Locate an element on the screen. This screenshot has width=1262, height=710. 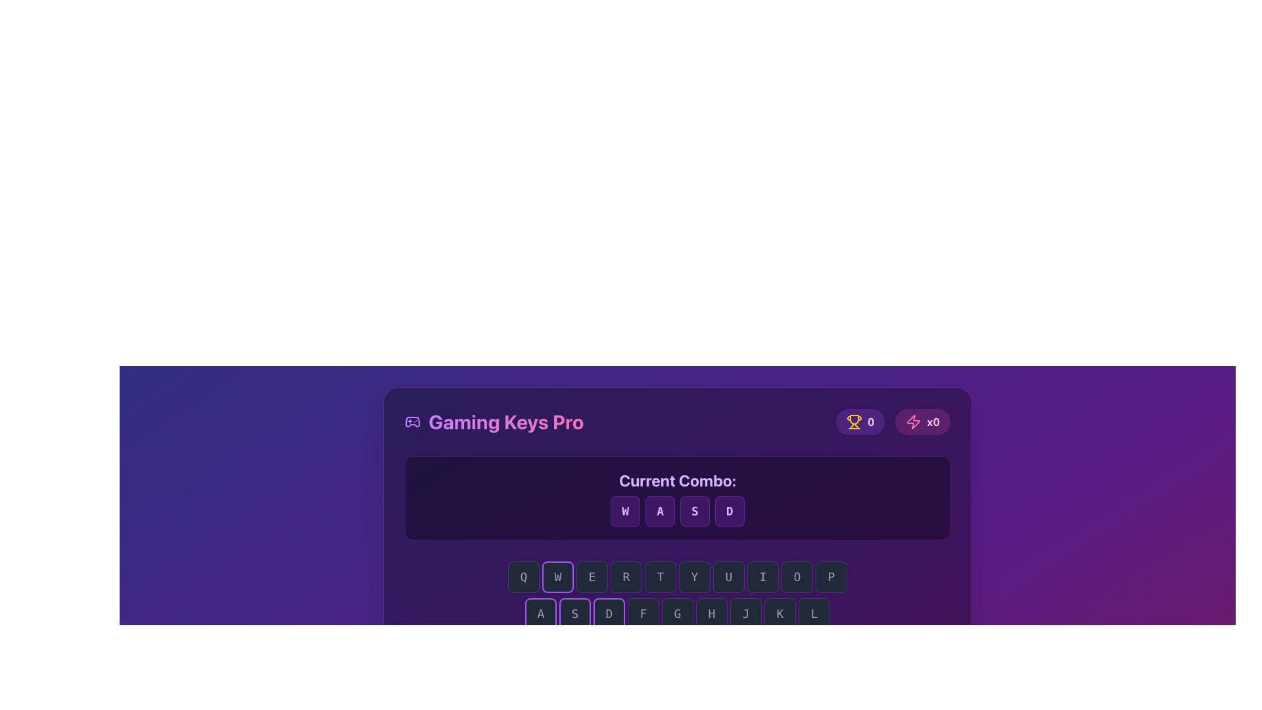
the square button with rounded corners, dark gray background, and a lighter gray letter 'H' centered on it, located between the 'G' and 'J' buttons is located at coordinates (711, 613).